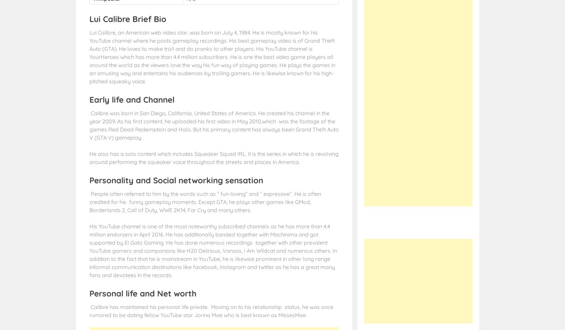 The width and height of the screenshot is (565, 330). Describe the element at coordinates (205, 201) in the screenshot. I see `'People often referred to him by the words such as ” fun-loving” and ” expressive”. He is often credited for his  funny gameplay moments. Except GTA, he plays other games like GMod, Borderlands 2, Call of Duty, WWE 2K14, Far Cry and many others.'` at that location.